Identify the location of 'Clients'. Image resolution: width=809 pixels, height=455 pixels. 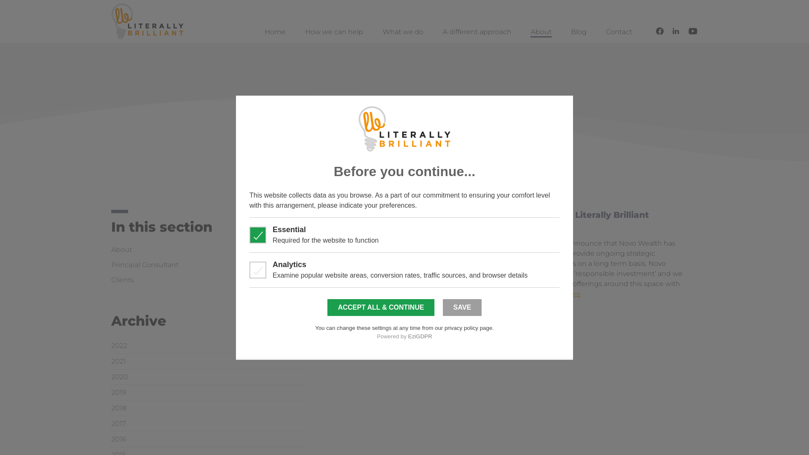
(122, 279).